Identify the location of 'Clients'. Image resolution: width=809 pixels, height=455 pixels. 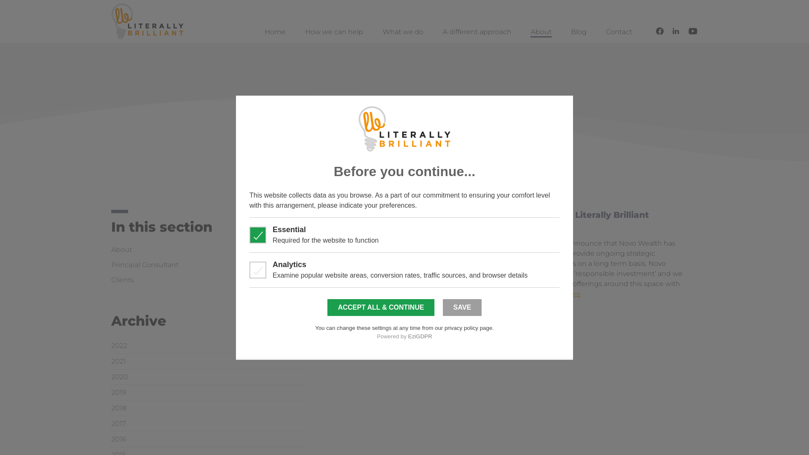
(122, 279).